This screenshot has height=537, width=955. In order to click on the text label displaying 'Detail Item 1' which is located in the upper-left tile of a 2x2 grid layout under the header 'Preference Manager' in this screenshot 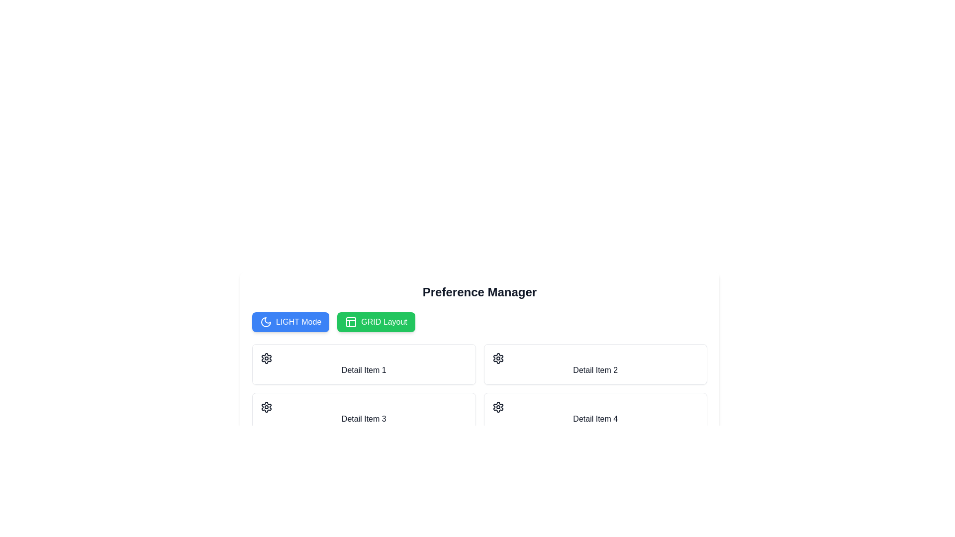, I will do `click(363, 370)`.